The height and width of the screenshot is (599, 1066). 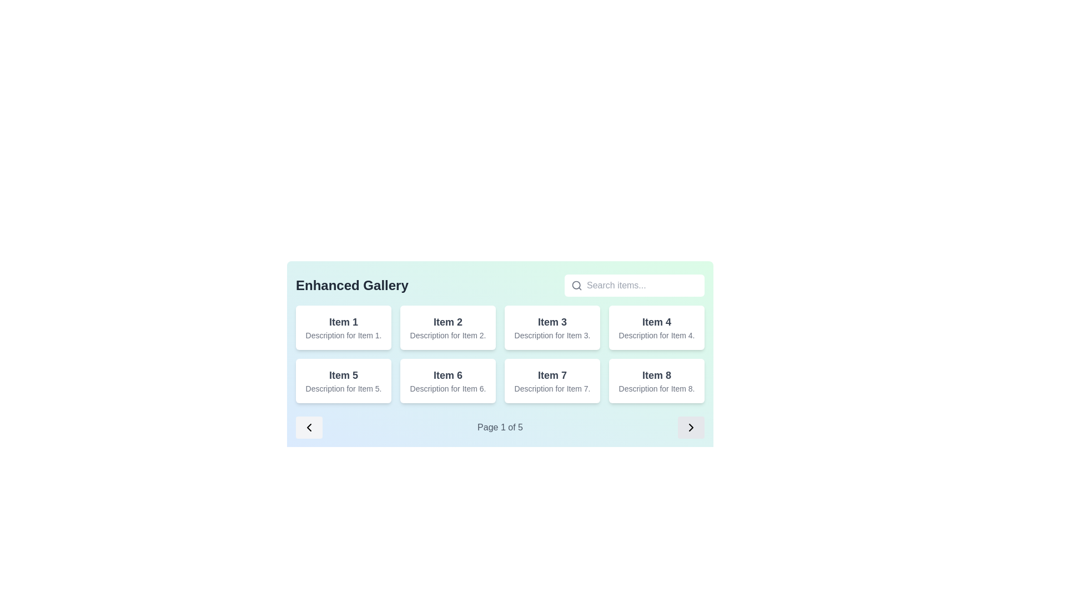 What do you see at coordinates (500, 427) in the screenshot?
I see `the Text label that provides information about the current page and the total number of pages in the pagination control bar located at the bottom of the content display area` at bounding box center [500, 427].